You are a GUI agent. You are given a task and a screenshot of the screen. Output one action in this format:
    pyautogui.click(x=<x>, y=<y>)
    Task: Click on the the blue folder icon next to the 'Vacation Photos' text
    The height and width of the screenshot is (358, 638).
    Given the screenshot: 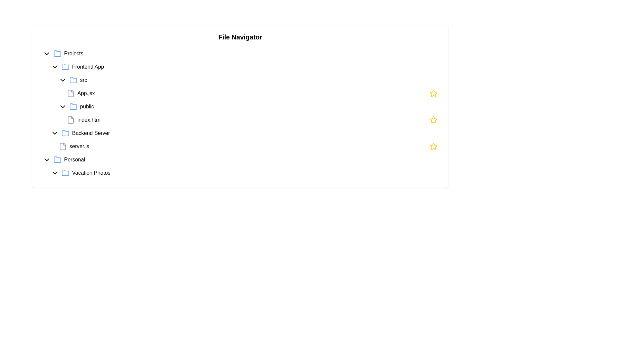 What is the action you would take?
    pyautogui.click(x=65, y=172)
    